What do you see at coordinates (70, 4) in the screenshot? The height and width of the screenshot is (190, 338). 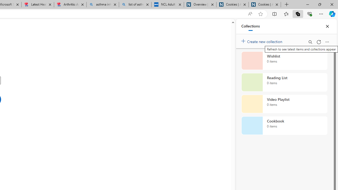 I see `'Arthritis: Ask Health Professionals'` at bounding box center [70, 4].